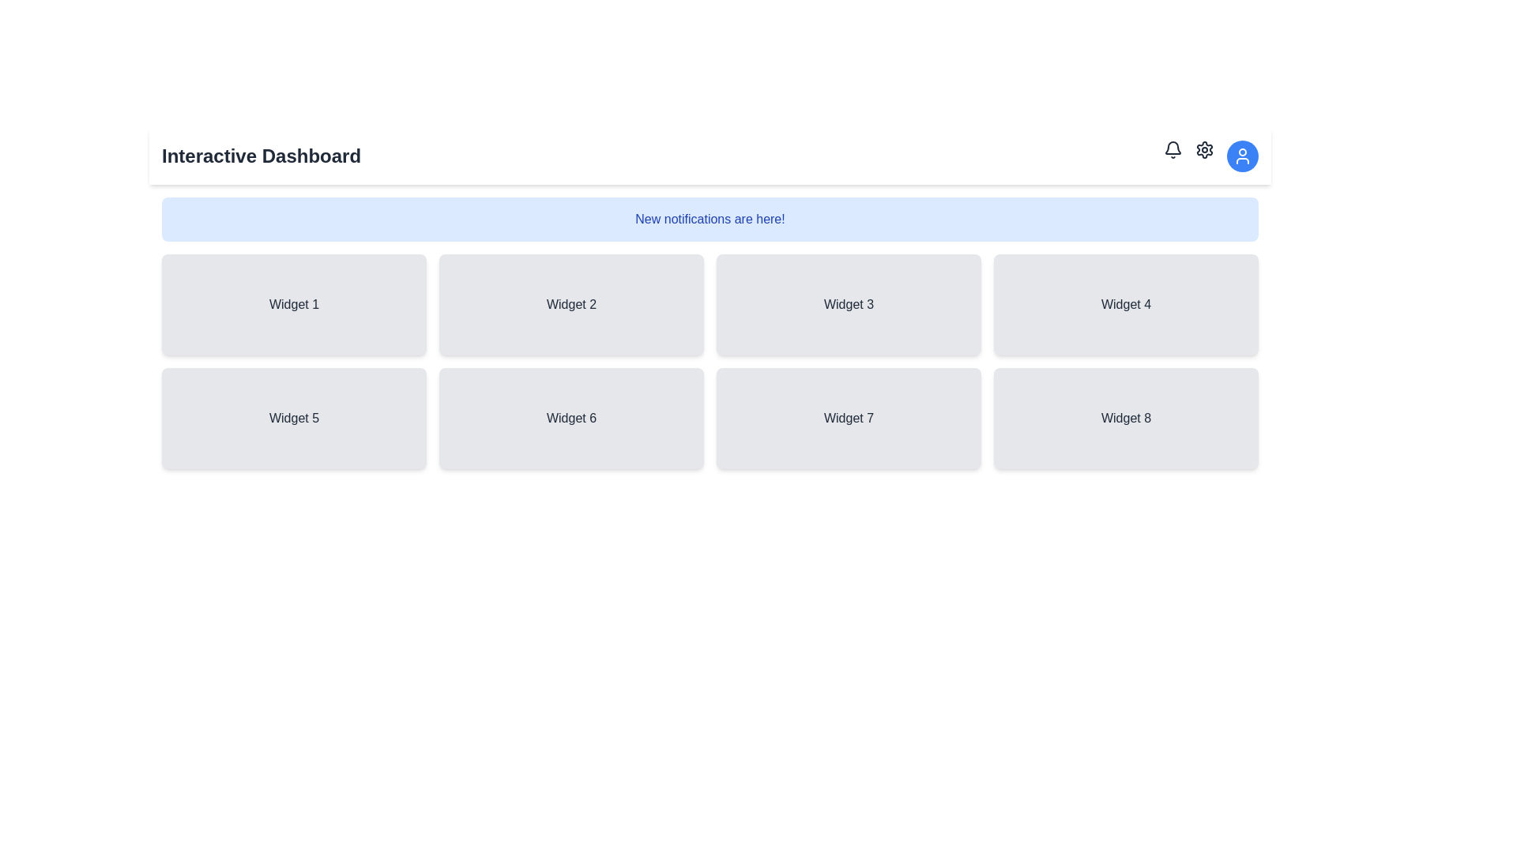  What do you see at coordinates (570, 417) in the screenshot?
I see `the 'Widget 6' card, which is a light gray rectangular card with rounded corners located in the second row of the grid layout` at bounding box center [570, 417].